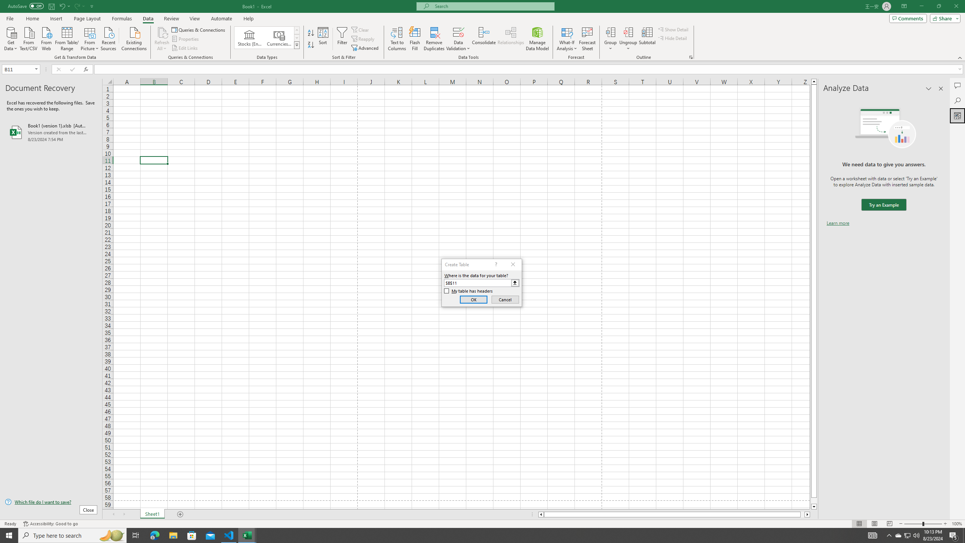 The height and width of the screenshot is (543, 965). What do you see at coordinates (690, 57) in the screenshot?
I see `'Group and Outline Settings'` at bounding box center [690, 57].